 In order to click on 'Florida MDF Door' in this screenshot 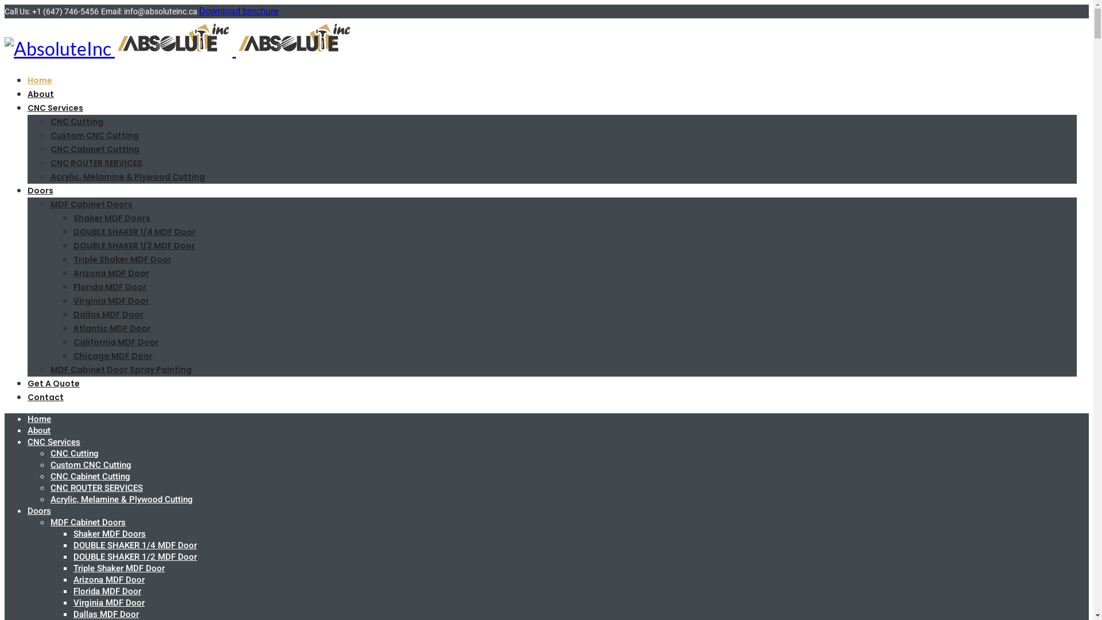, I will do `click(73, 591)`.